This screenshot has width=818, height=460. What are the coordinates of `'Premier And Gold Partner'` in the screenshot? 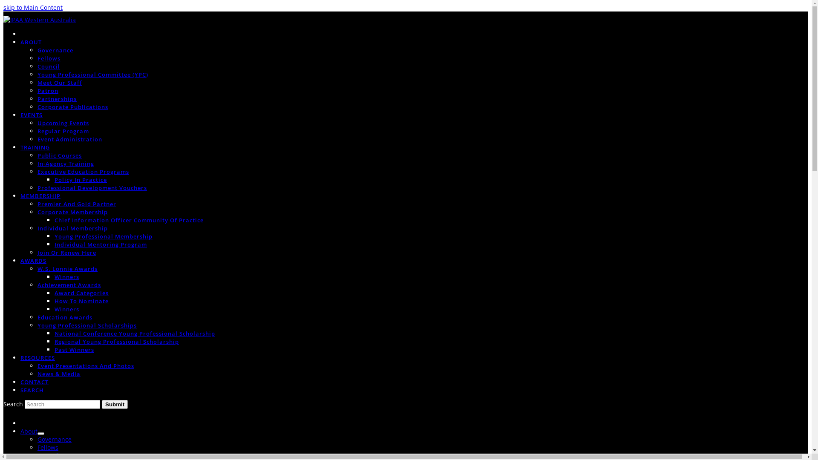 It's located at (77, 204).